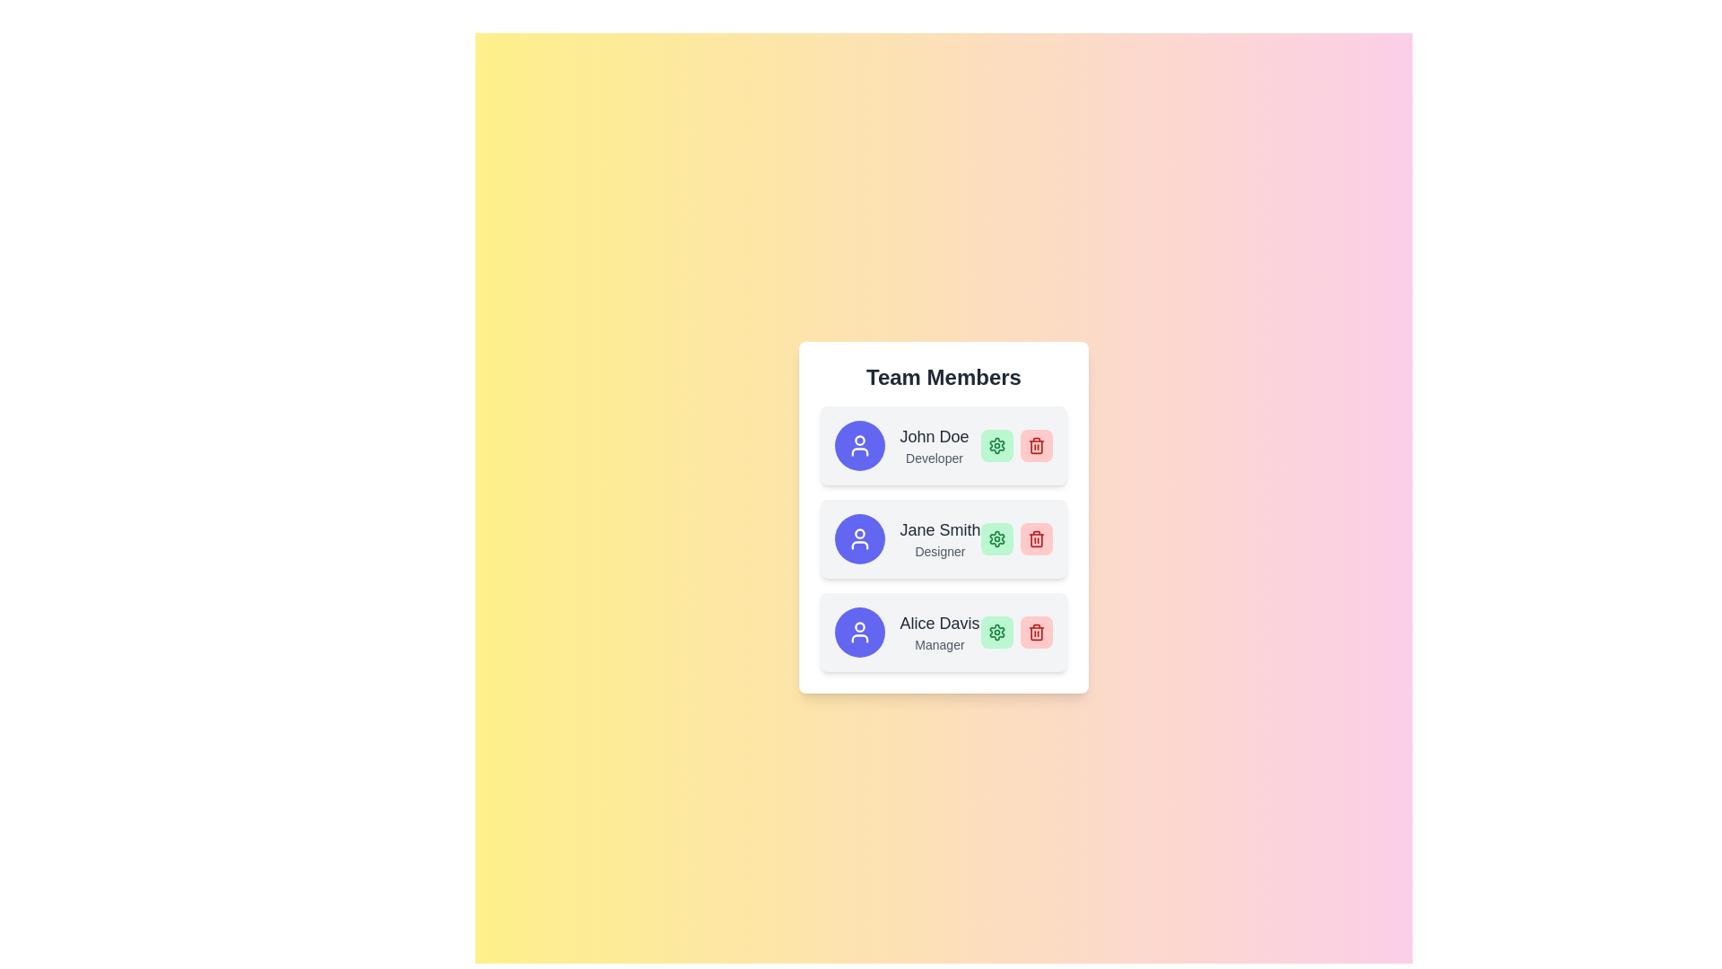 This screenshot has width=1722, height=969. I want to click on the name within the Team Member Card component, so click(943, 518).